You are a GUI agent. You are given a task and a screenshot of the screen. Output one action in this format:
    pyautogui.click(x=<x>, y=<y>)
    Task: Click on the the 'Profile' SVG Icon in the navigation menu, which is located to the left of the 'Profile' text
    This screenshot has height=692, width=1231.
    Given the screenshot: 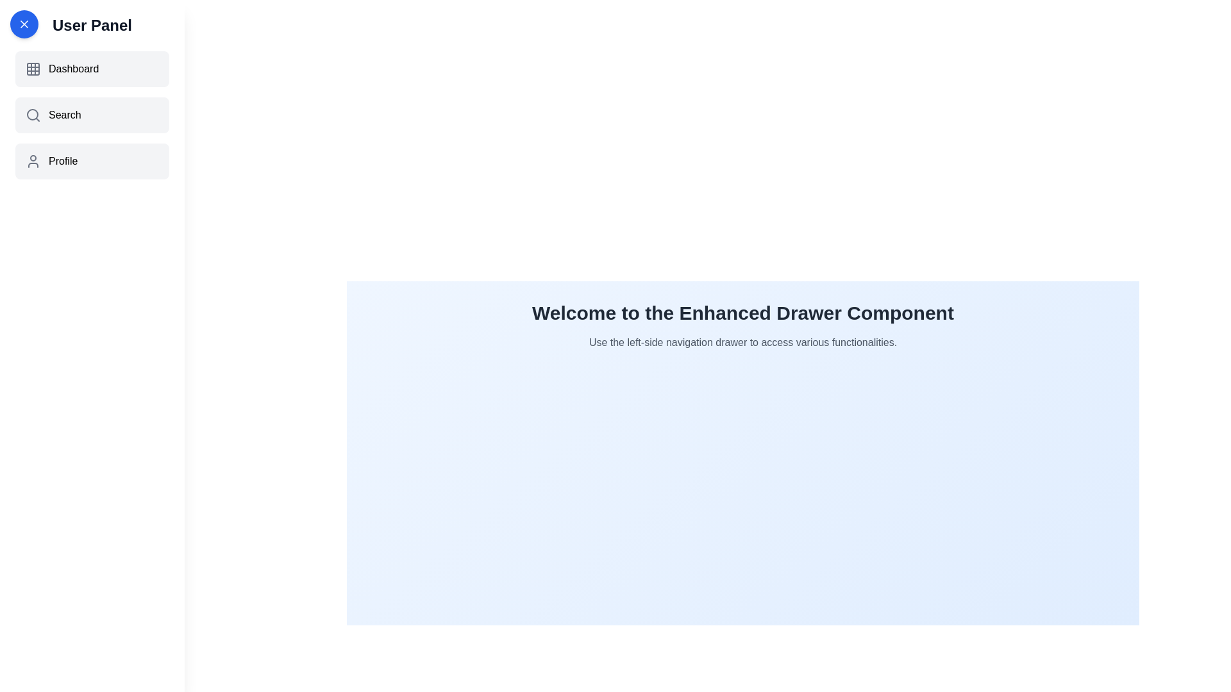 What is the action you would take?
    pyautogui.click(x=33, y=160)
    